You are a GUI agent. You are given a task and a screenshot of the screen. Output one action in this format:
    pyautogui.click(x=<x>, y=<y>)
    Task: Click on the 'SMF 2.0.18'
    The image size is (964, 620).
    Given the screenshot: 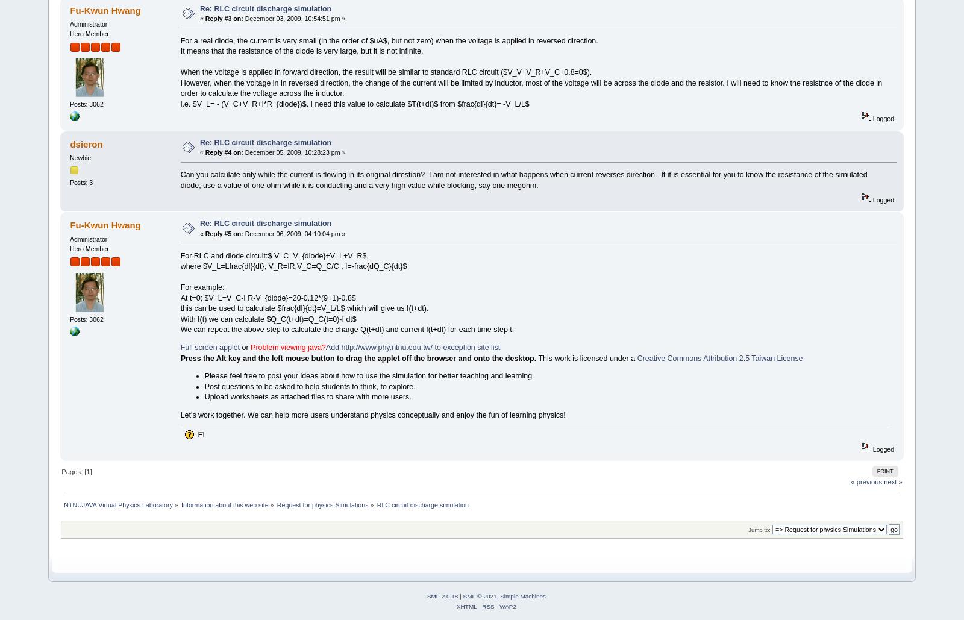 What is the action you would take?
    pyautogui.click(x=442, y=595)
    